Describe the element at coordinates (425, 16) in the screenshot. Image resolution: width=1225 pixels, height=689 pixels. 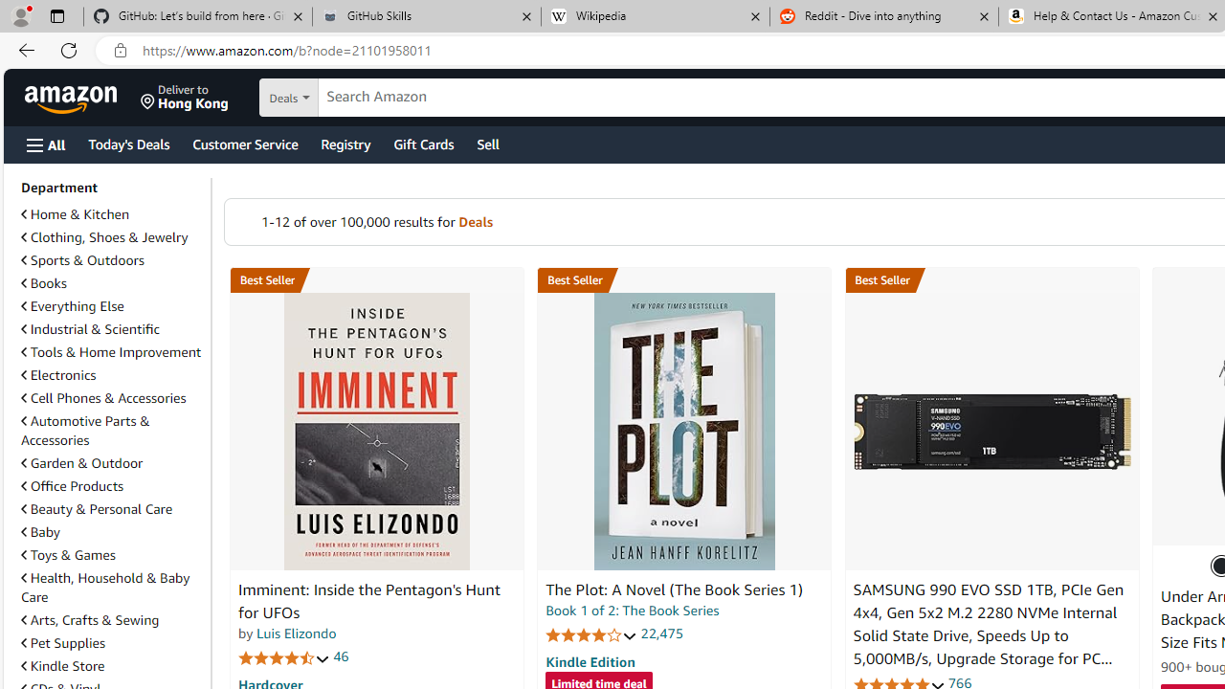
I see `'GitHub Skills'` at that location.